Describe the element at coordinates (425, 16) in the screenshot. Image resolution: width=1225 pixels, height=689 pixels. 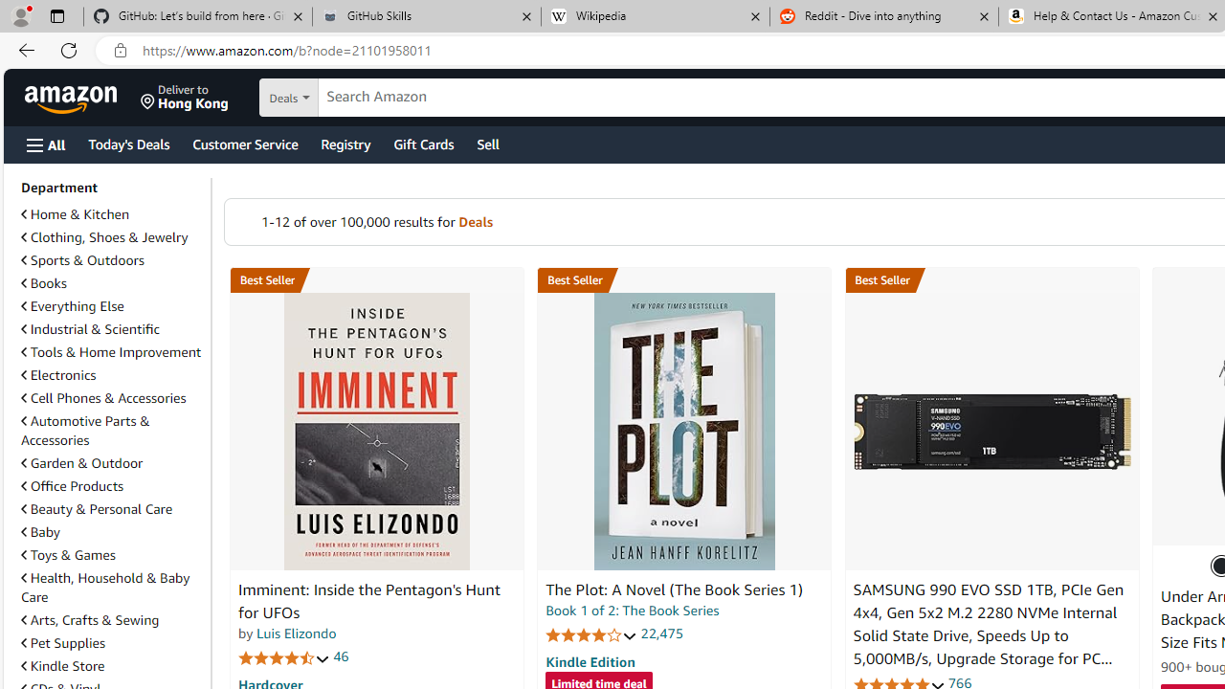
I see `'GitHub Skills'` at that location.